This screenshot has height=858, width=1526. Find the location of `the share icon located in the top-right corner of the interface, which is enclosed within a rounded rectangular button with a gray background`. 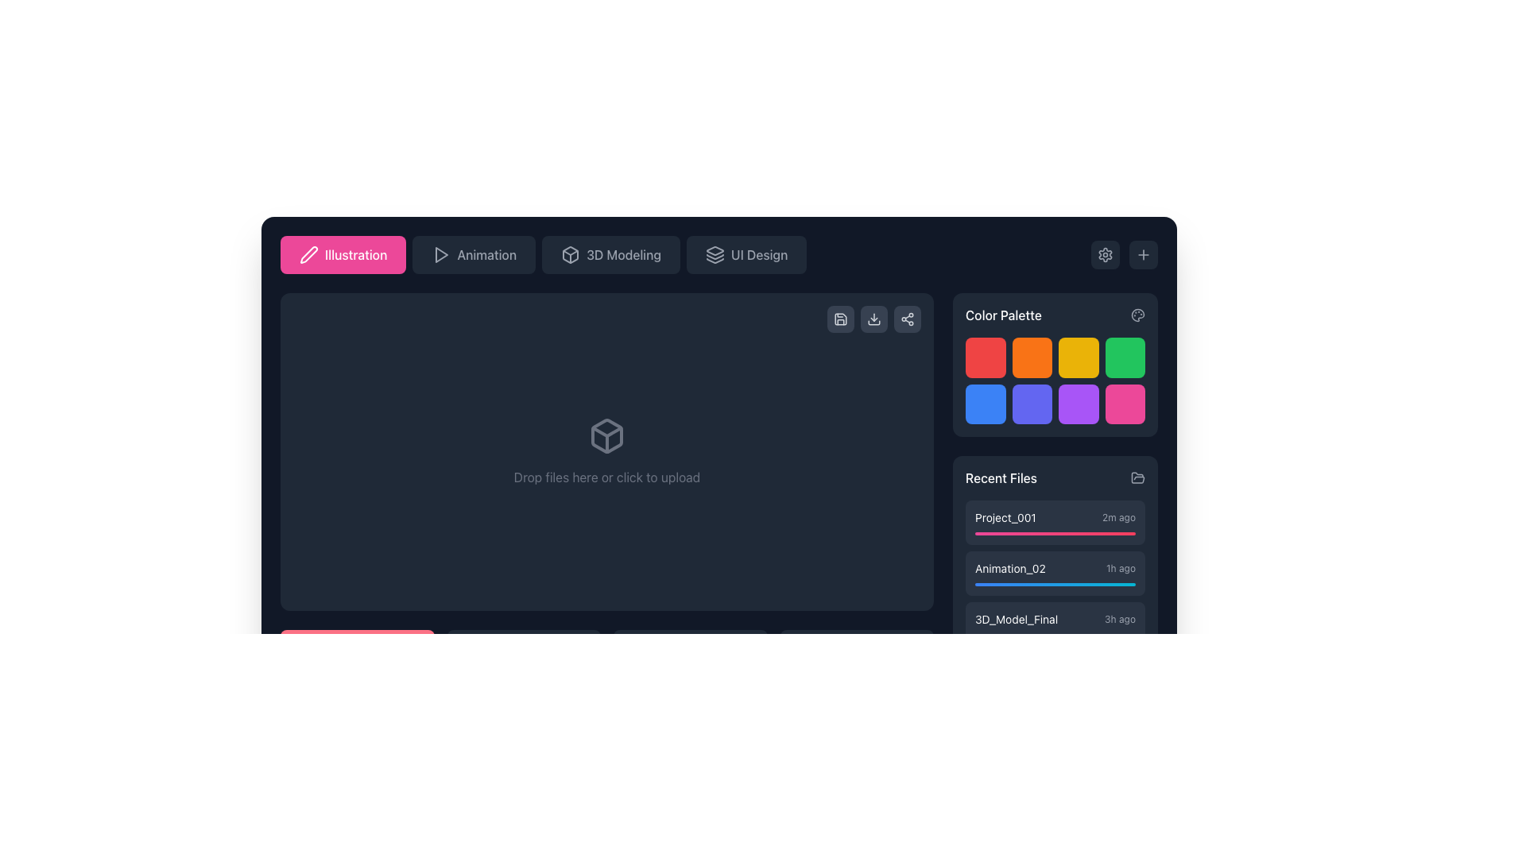

the share icon located in the top-right corner of the interface, which is enclosed within a rounded rectangular button with a gray background is located at coordinates (908, 319).